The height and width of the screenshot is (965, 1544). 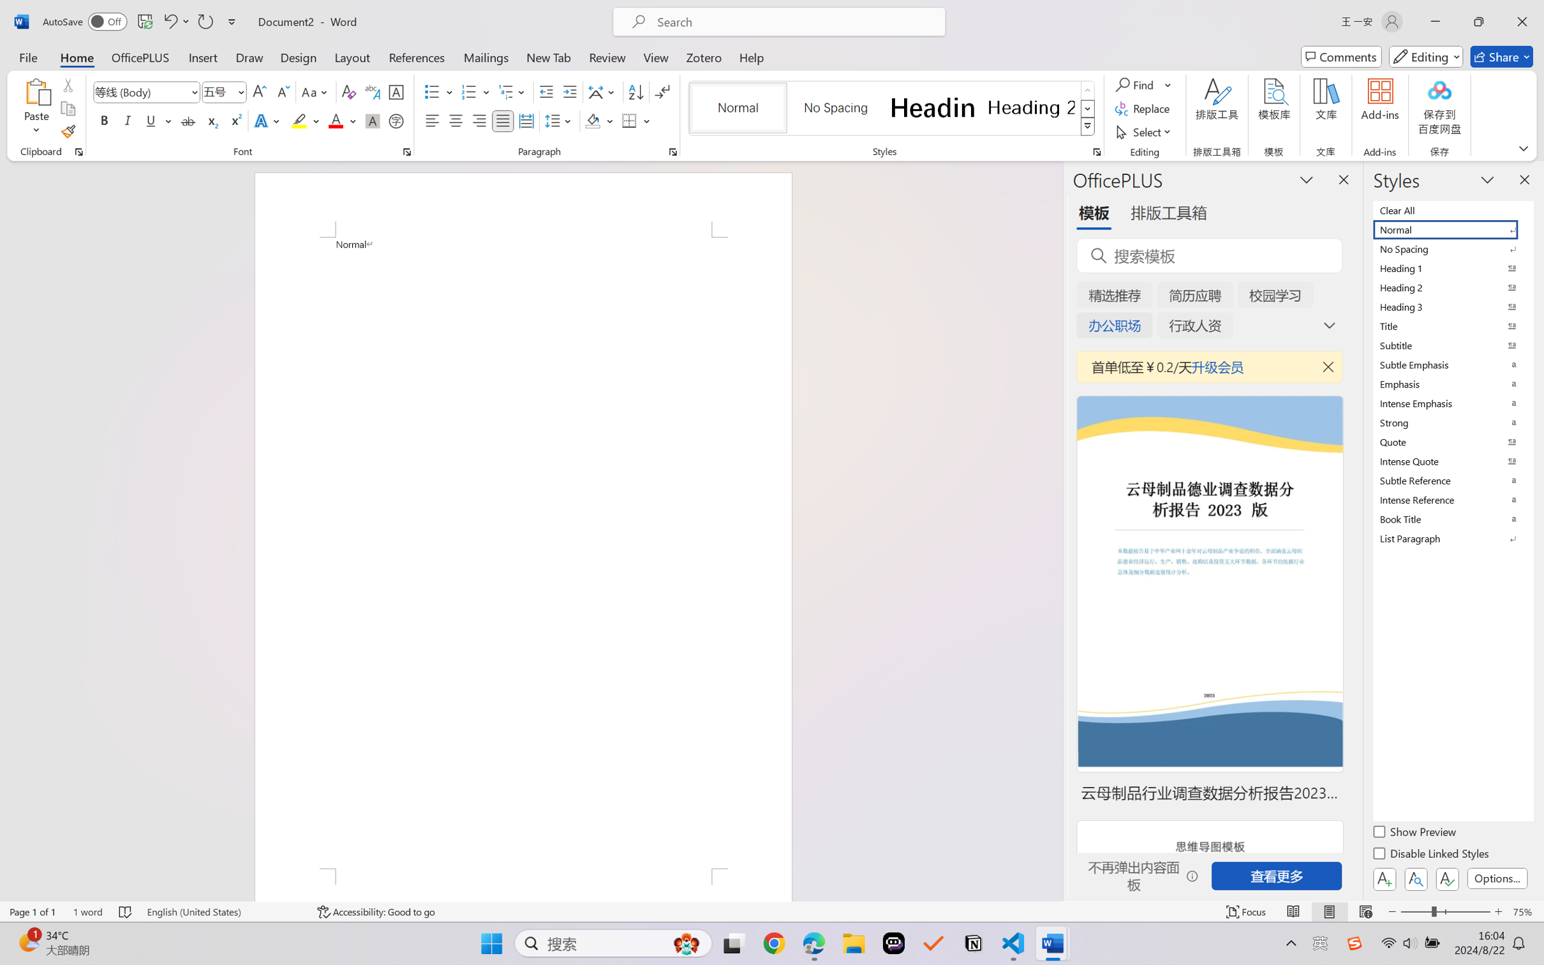 What do you see at coordinates (1451, 384) in the screenshot?
I see `'Emphasis'` at bounding box center [1451, 384].